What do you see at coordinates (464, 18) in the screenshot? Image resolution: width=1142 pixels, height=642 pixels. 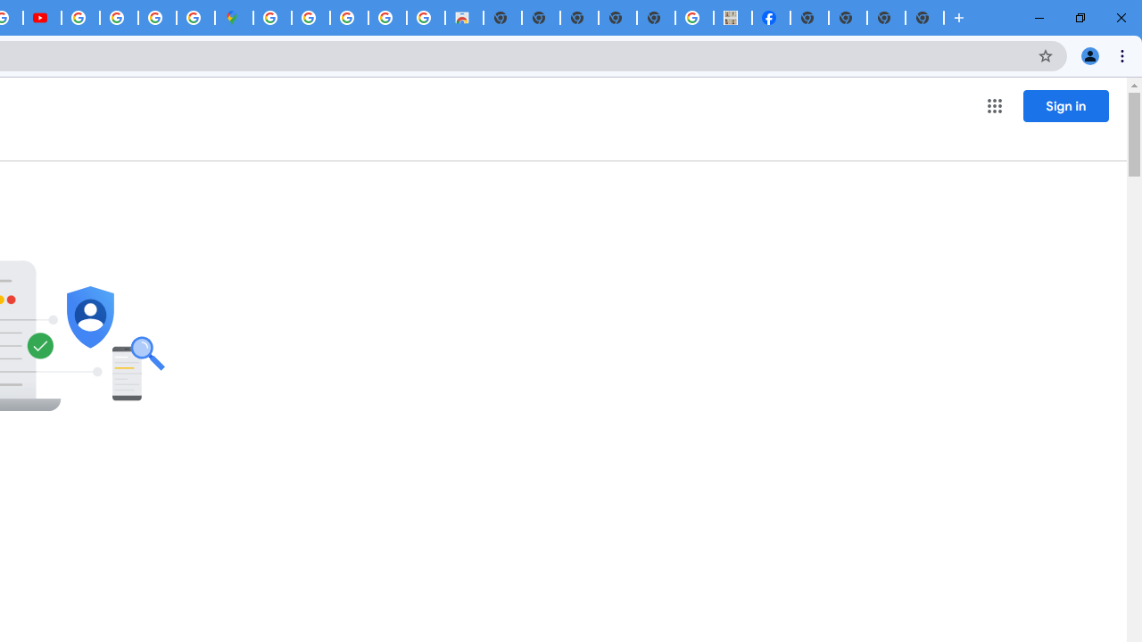 I see `'Chrome Web Store - Shopping'` at bounding box center [464, 18].